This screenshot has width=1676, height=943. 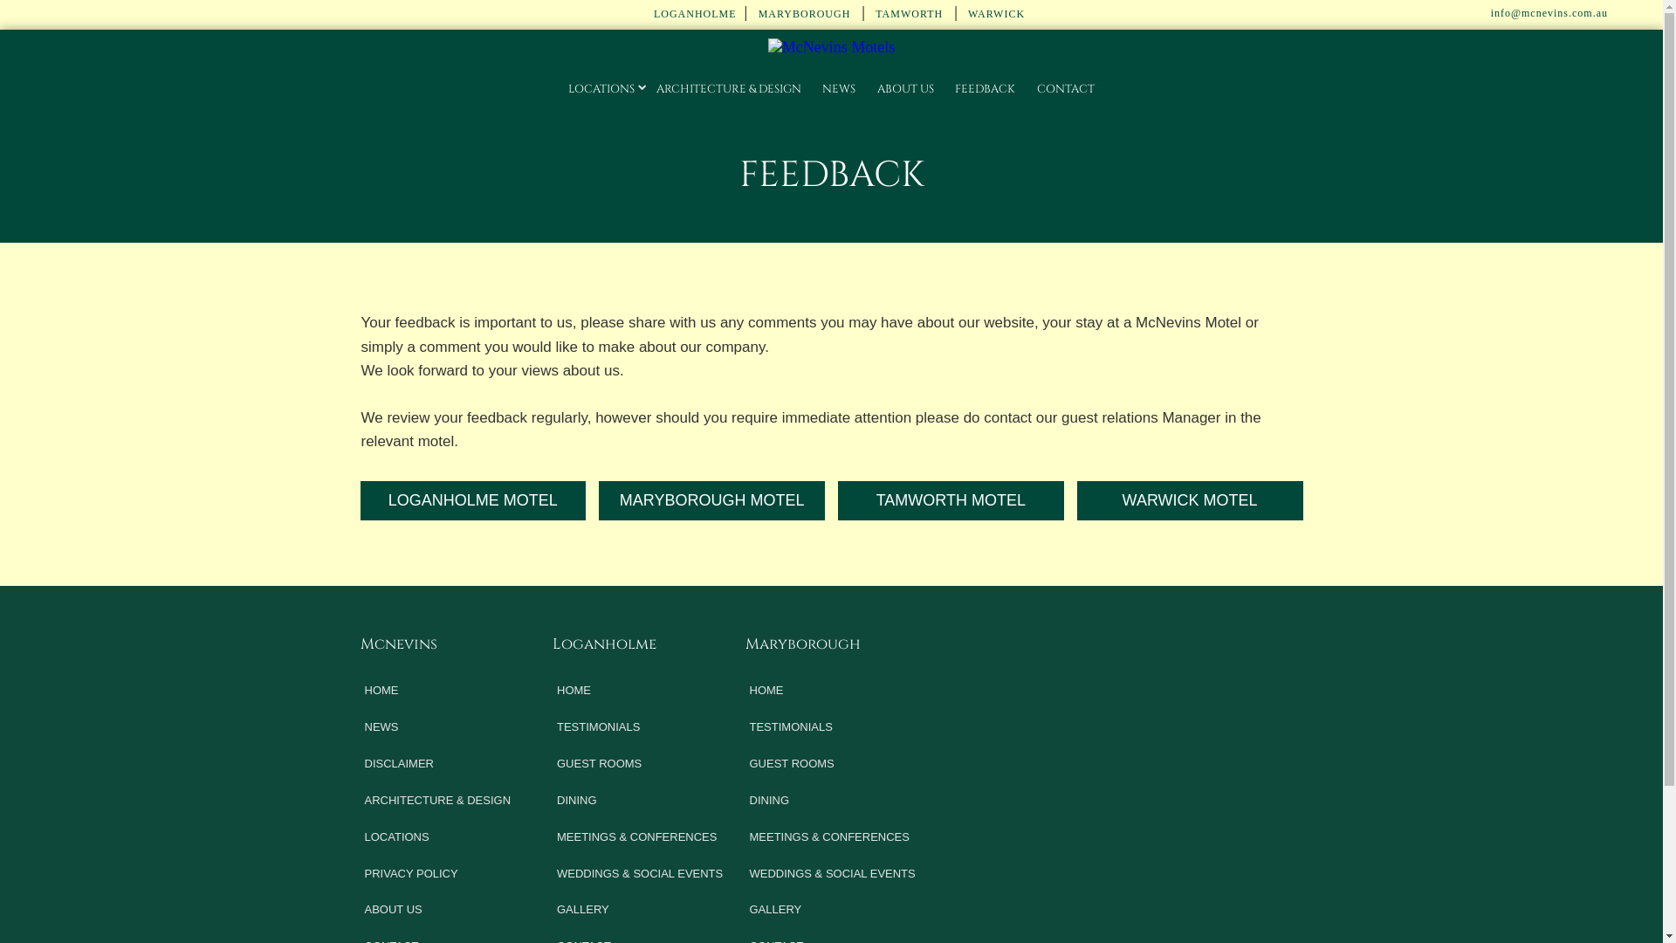 What do you see at coordinates (841, 801) in the screenshot?
I see `'DINING'` at bounding box center [841, 801].